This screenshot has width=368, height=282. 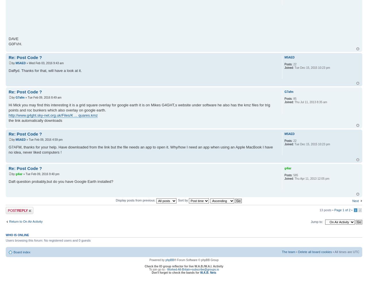 I want to click on 'phpBB', so click(x=169, y=260).